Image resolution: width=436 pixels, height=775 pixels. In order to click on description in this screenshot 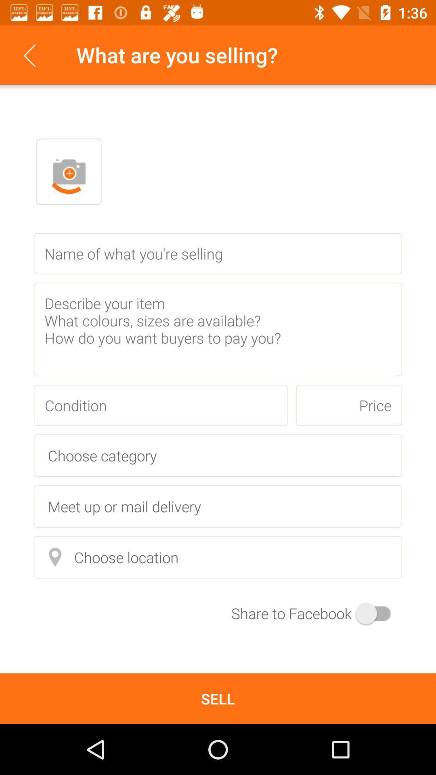, I will do `click(218, 329)`.